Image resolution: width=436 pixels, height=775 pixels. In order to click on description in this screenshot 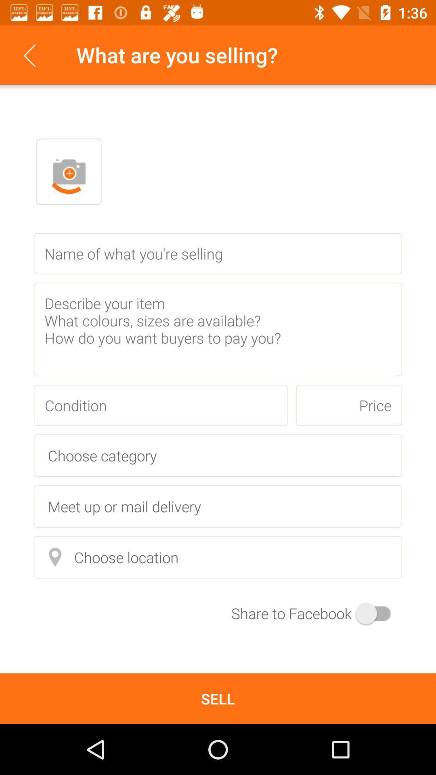, I will do `click(218, 329)`.